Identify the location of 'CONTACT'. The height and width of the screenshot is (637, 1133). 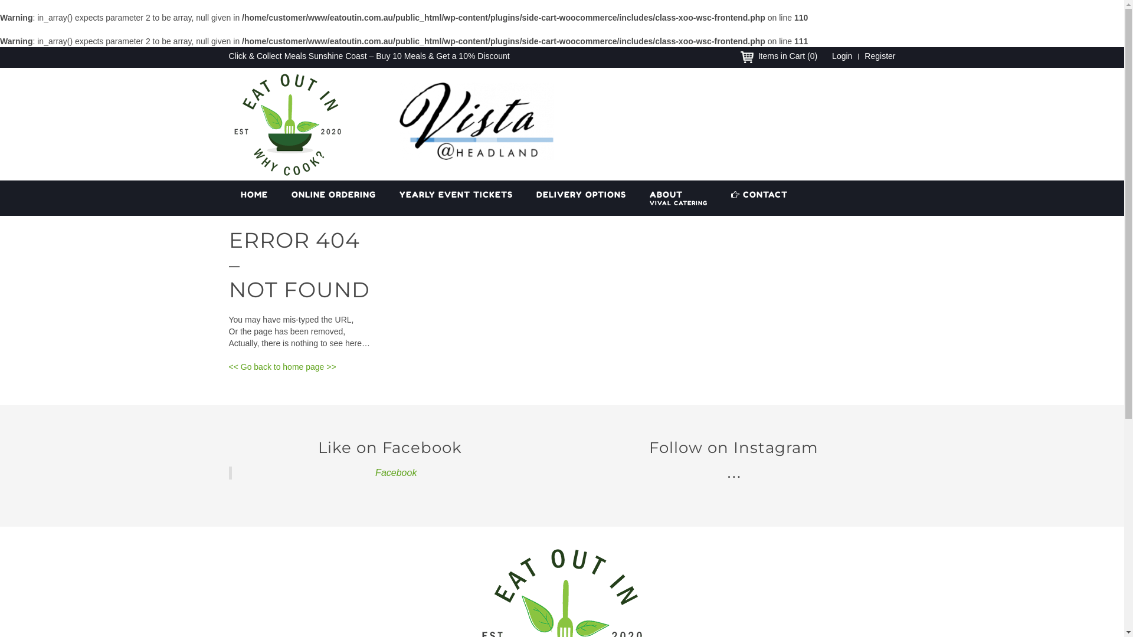
(759, 197).